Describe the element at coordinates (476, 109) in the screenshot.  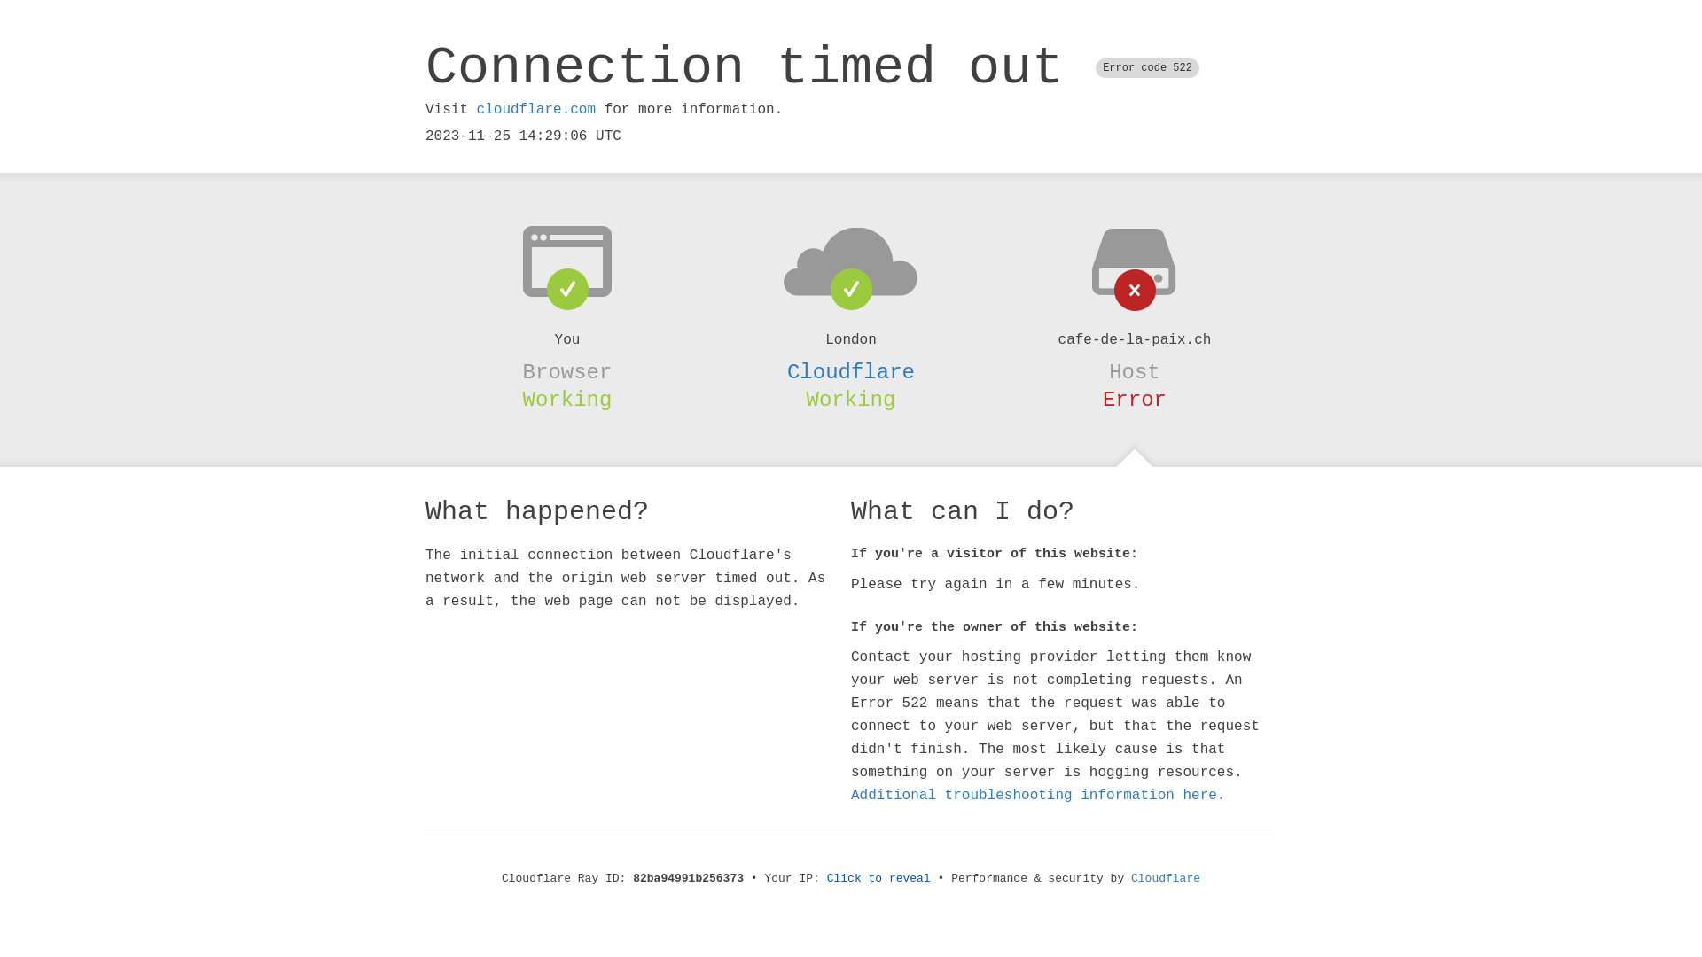
I see `'cloudflare.com'` at that location.